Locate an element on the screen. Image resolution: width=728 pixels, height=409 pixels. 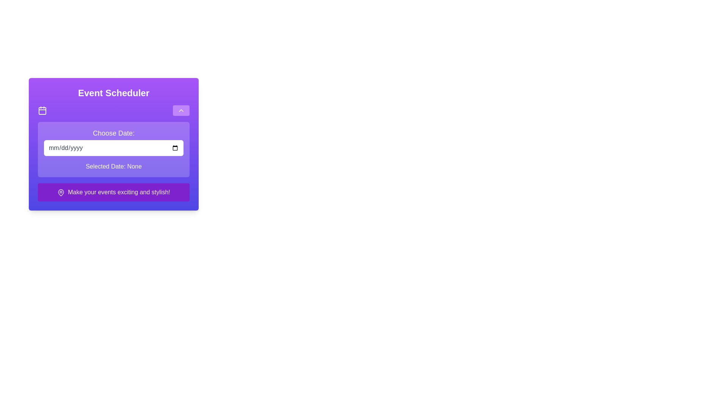
the chevron icon located at the top-right corner of the 'Event Scheduler' card is located at coordinates (181, 111).